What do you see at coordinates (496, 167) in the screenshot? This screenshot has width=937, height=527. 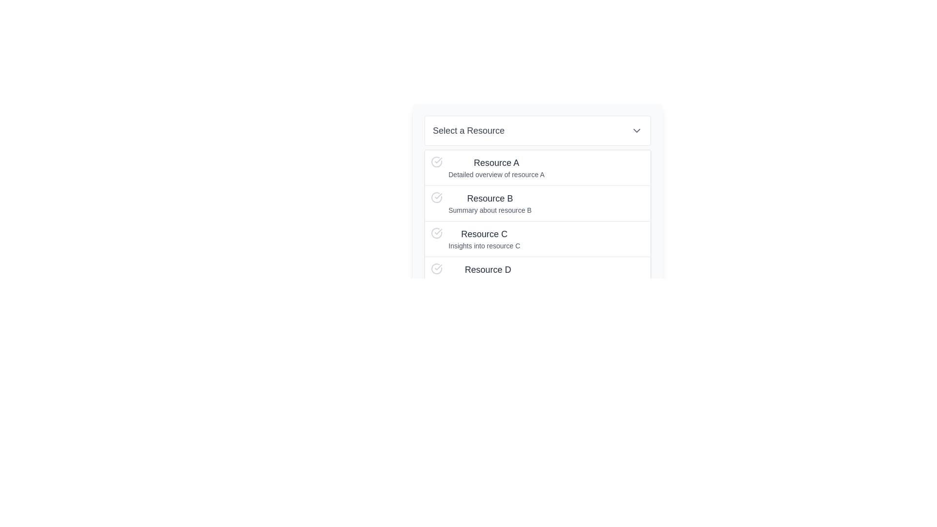 I see `text from the text display element that shows 'Resource A' and its detailed overview, located below the 'Select a Resource' dropdown menu` at bounding box center [496, 167].